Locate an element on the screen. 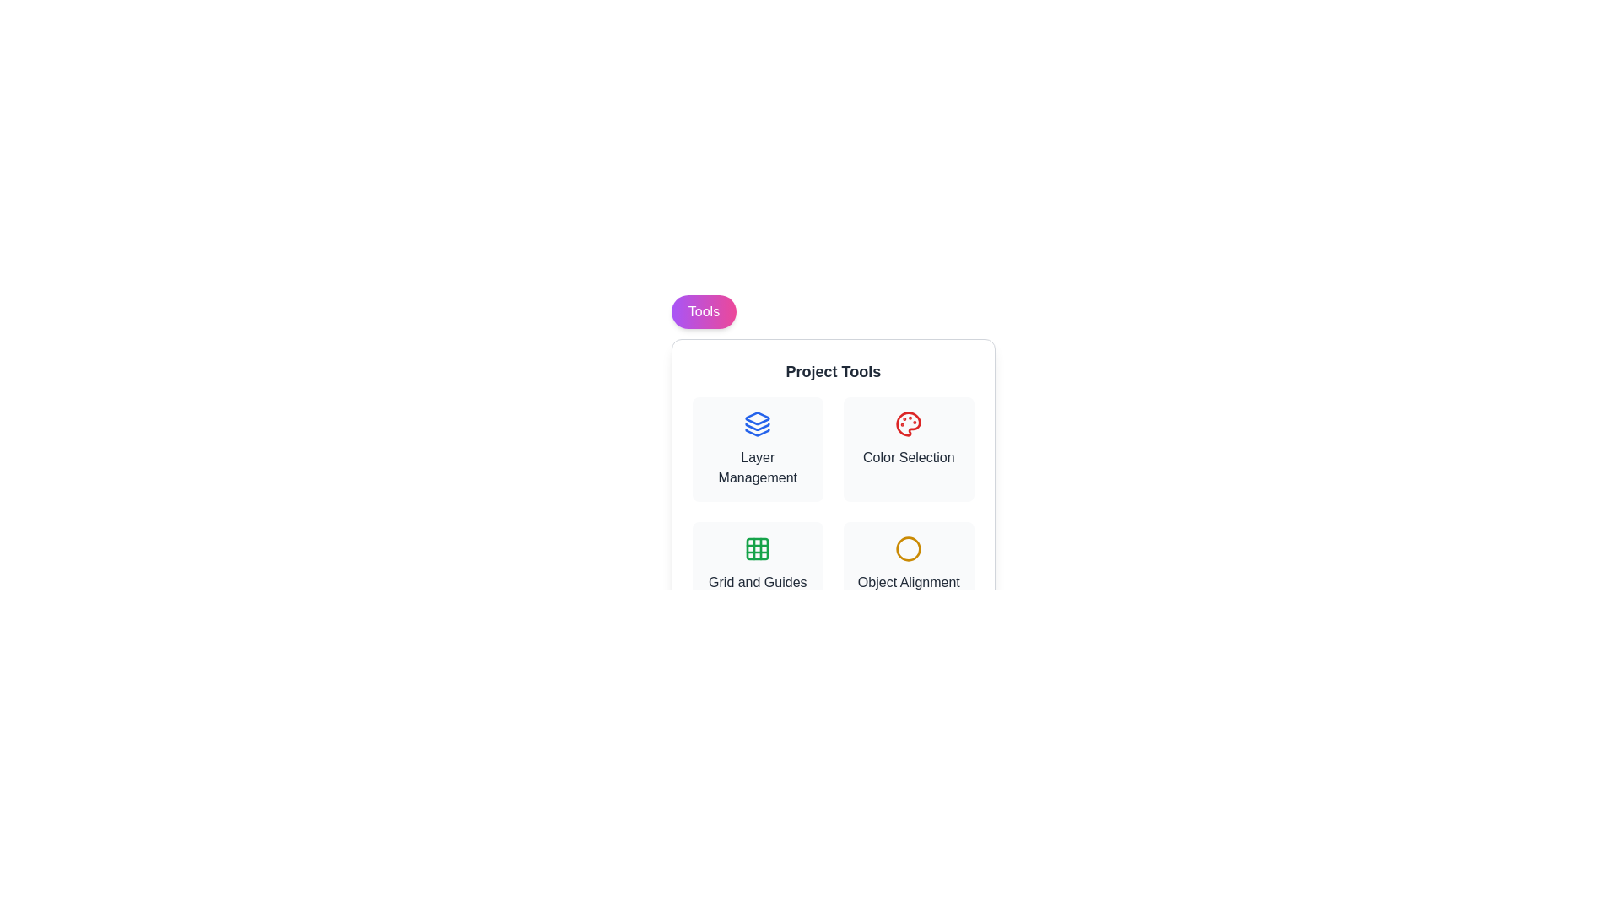 Image resolution: width=1620 pixels, height=911 pixels. the middle layer of the three-layer stacked icon, characterized by a polygonal shape with shades of blue, located within the SVG graphic in the 'Layer Management' card is located at coordinates (757, 426).